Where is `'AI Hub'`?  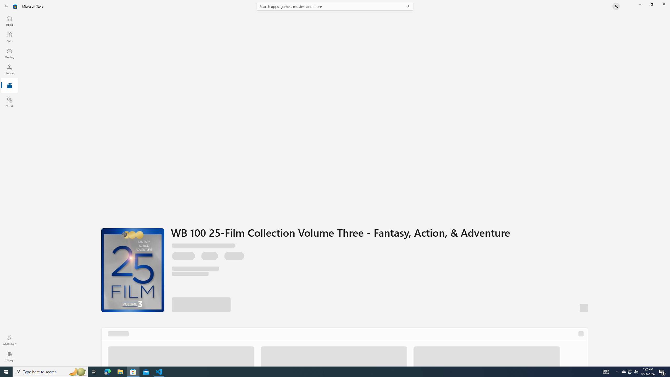 'AI Hub' is located at coordinates (9, 102).